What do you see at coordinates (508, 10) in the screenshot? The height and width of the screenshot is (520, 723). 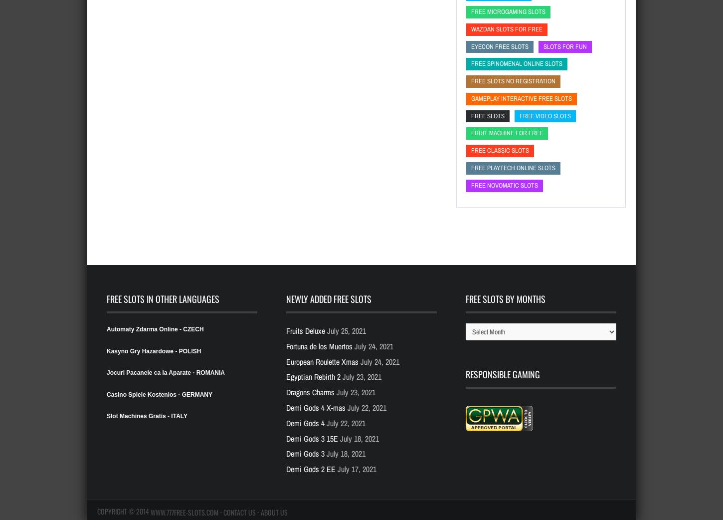 I see `'free microgaming slots'` at bounding box center [508, 10].